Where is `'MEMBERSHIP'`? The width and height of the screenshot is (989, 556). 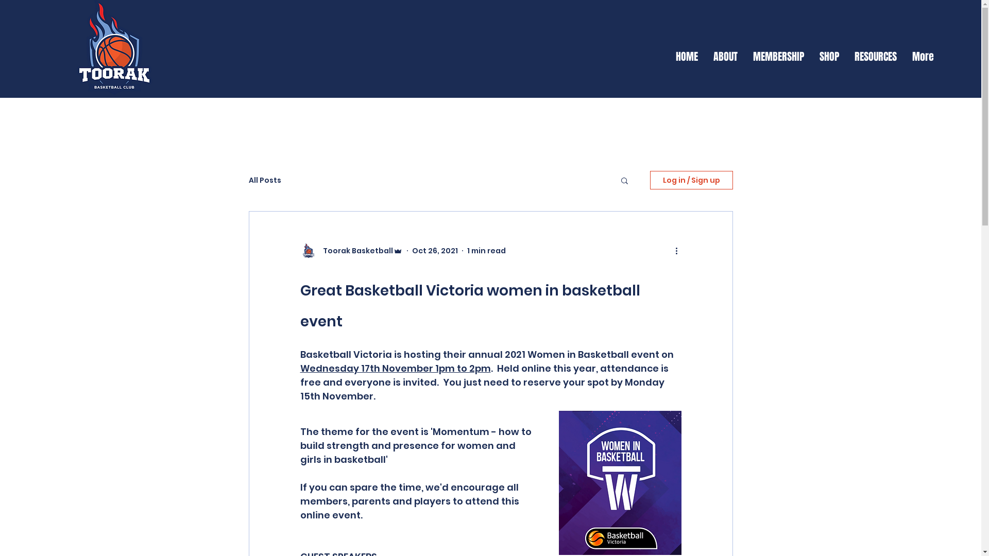 'MEMBERSHIP' is located at coordinates (778, 57).